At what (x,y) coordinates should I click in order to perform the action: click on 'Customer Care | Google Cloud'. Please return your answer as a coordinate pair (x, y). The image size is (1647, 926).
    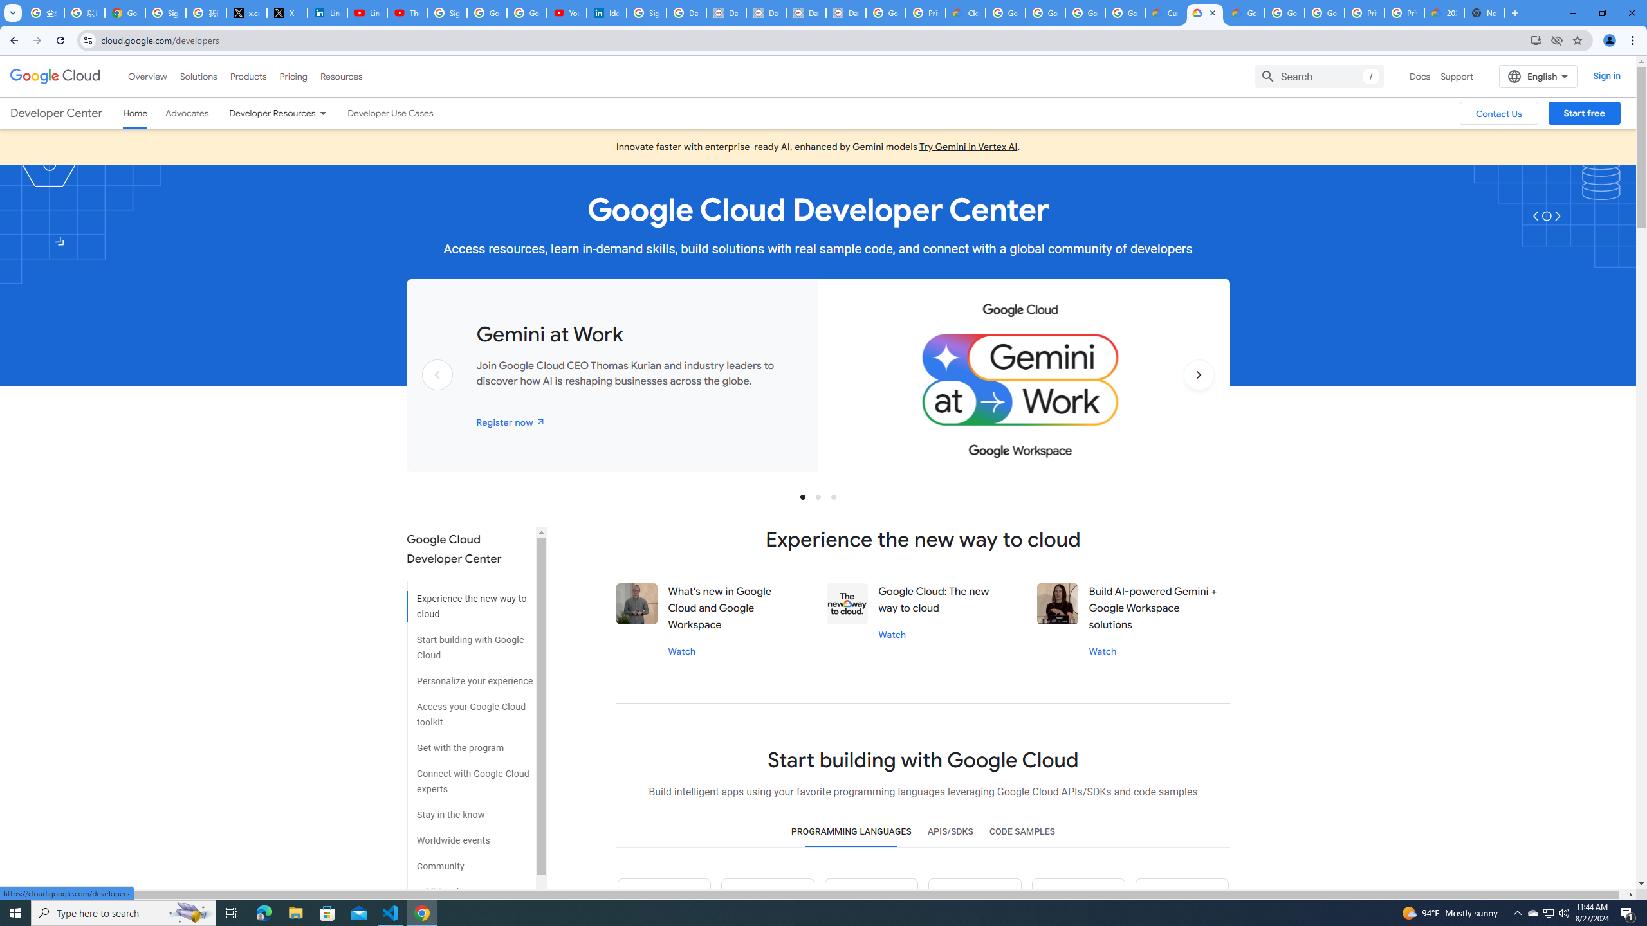
    Looking at the image, I should click on (1164, 12).